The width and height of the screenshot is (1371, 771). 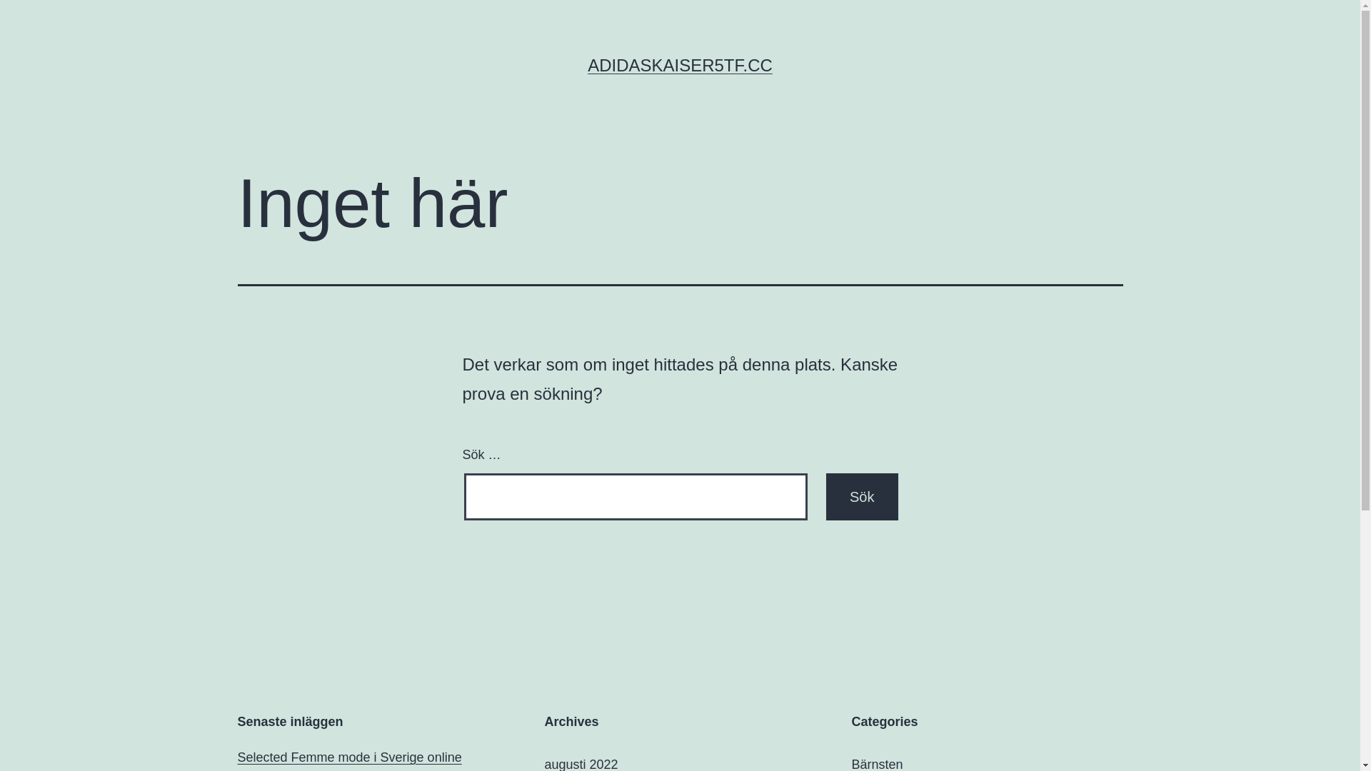 What do you see at coordinates (679, 65) in the screenshot?
I see `'ADIDASKAISER5TF.CC'` at bounding box center [679, 65].